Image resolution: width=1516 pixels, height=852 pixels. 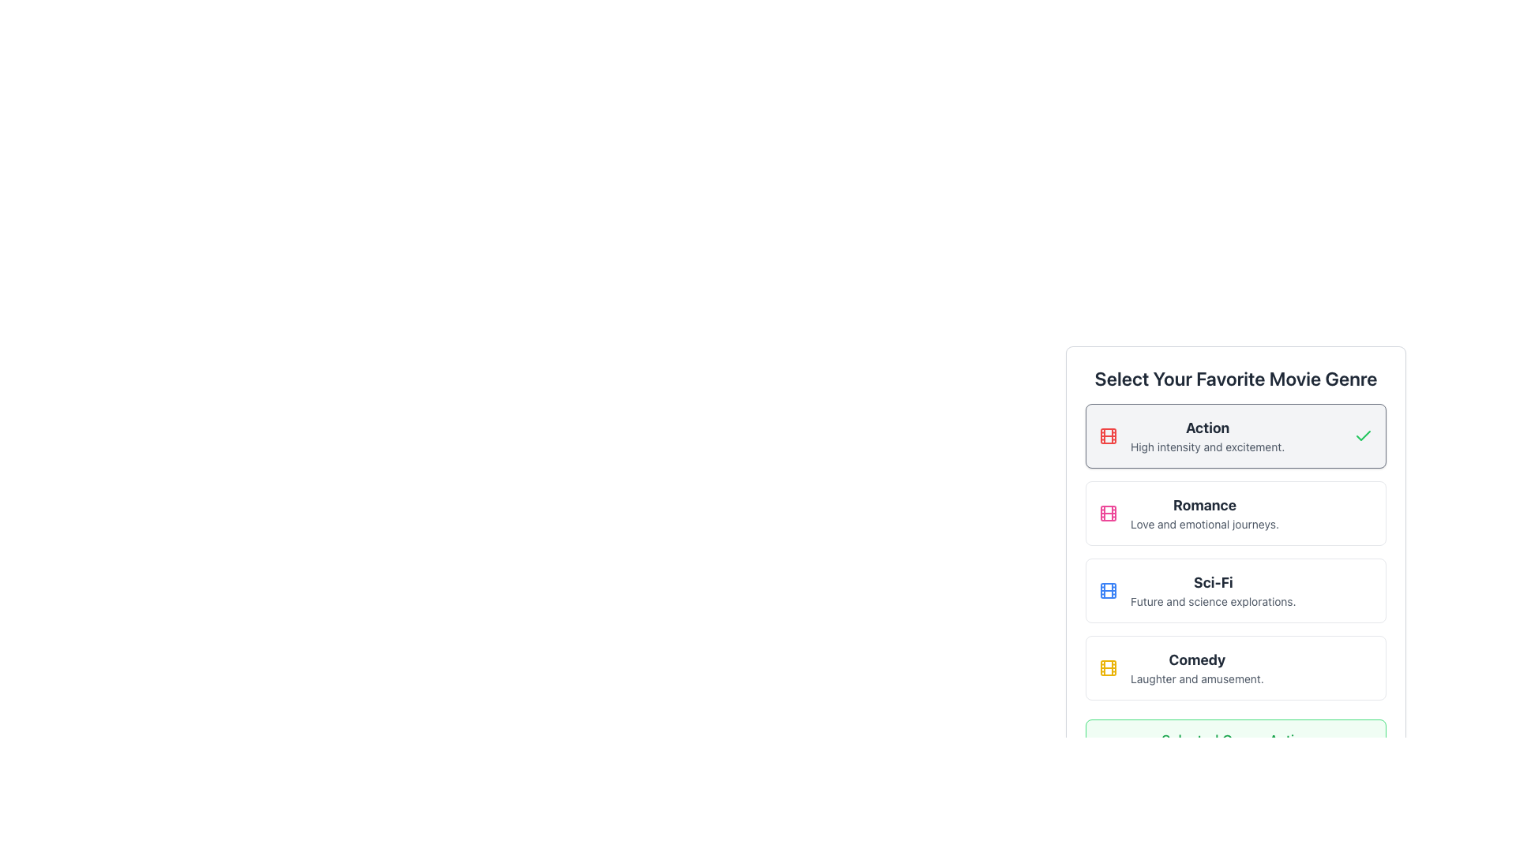 What do you see at coordinates (1204, 524) in the screenshot?
I see `the text element reading 'Love and emotional journeys.' located under the bold title 'Romance' in the 'Select Your Favorite Movie Genre' list` at bounding box center [1204, 524].